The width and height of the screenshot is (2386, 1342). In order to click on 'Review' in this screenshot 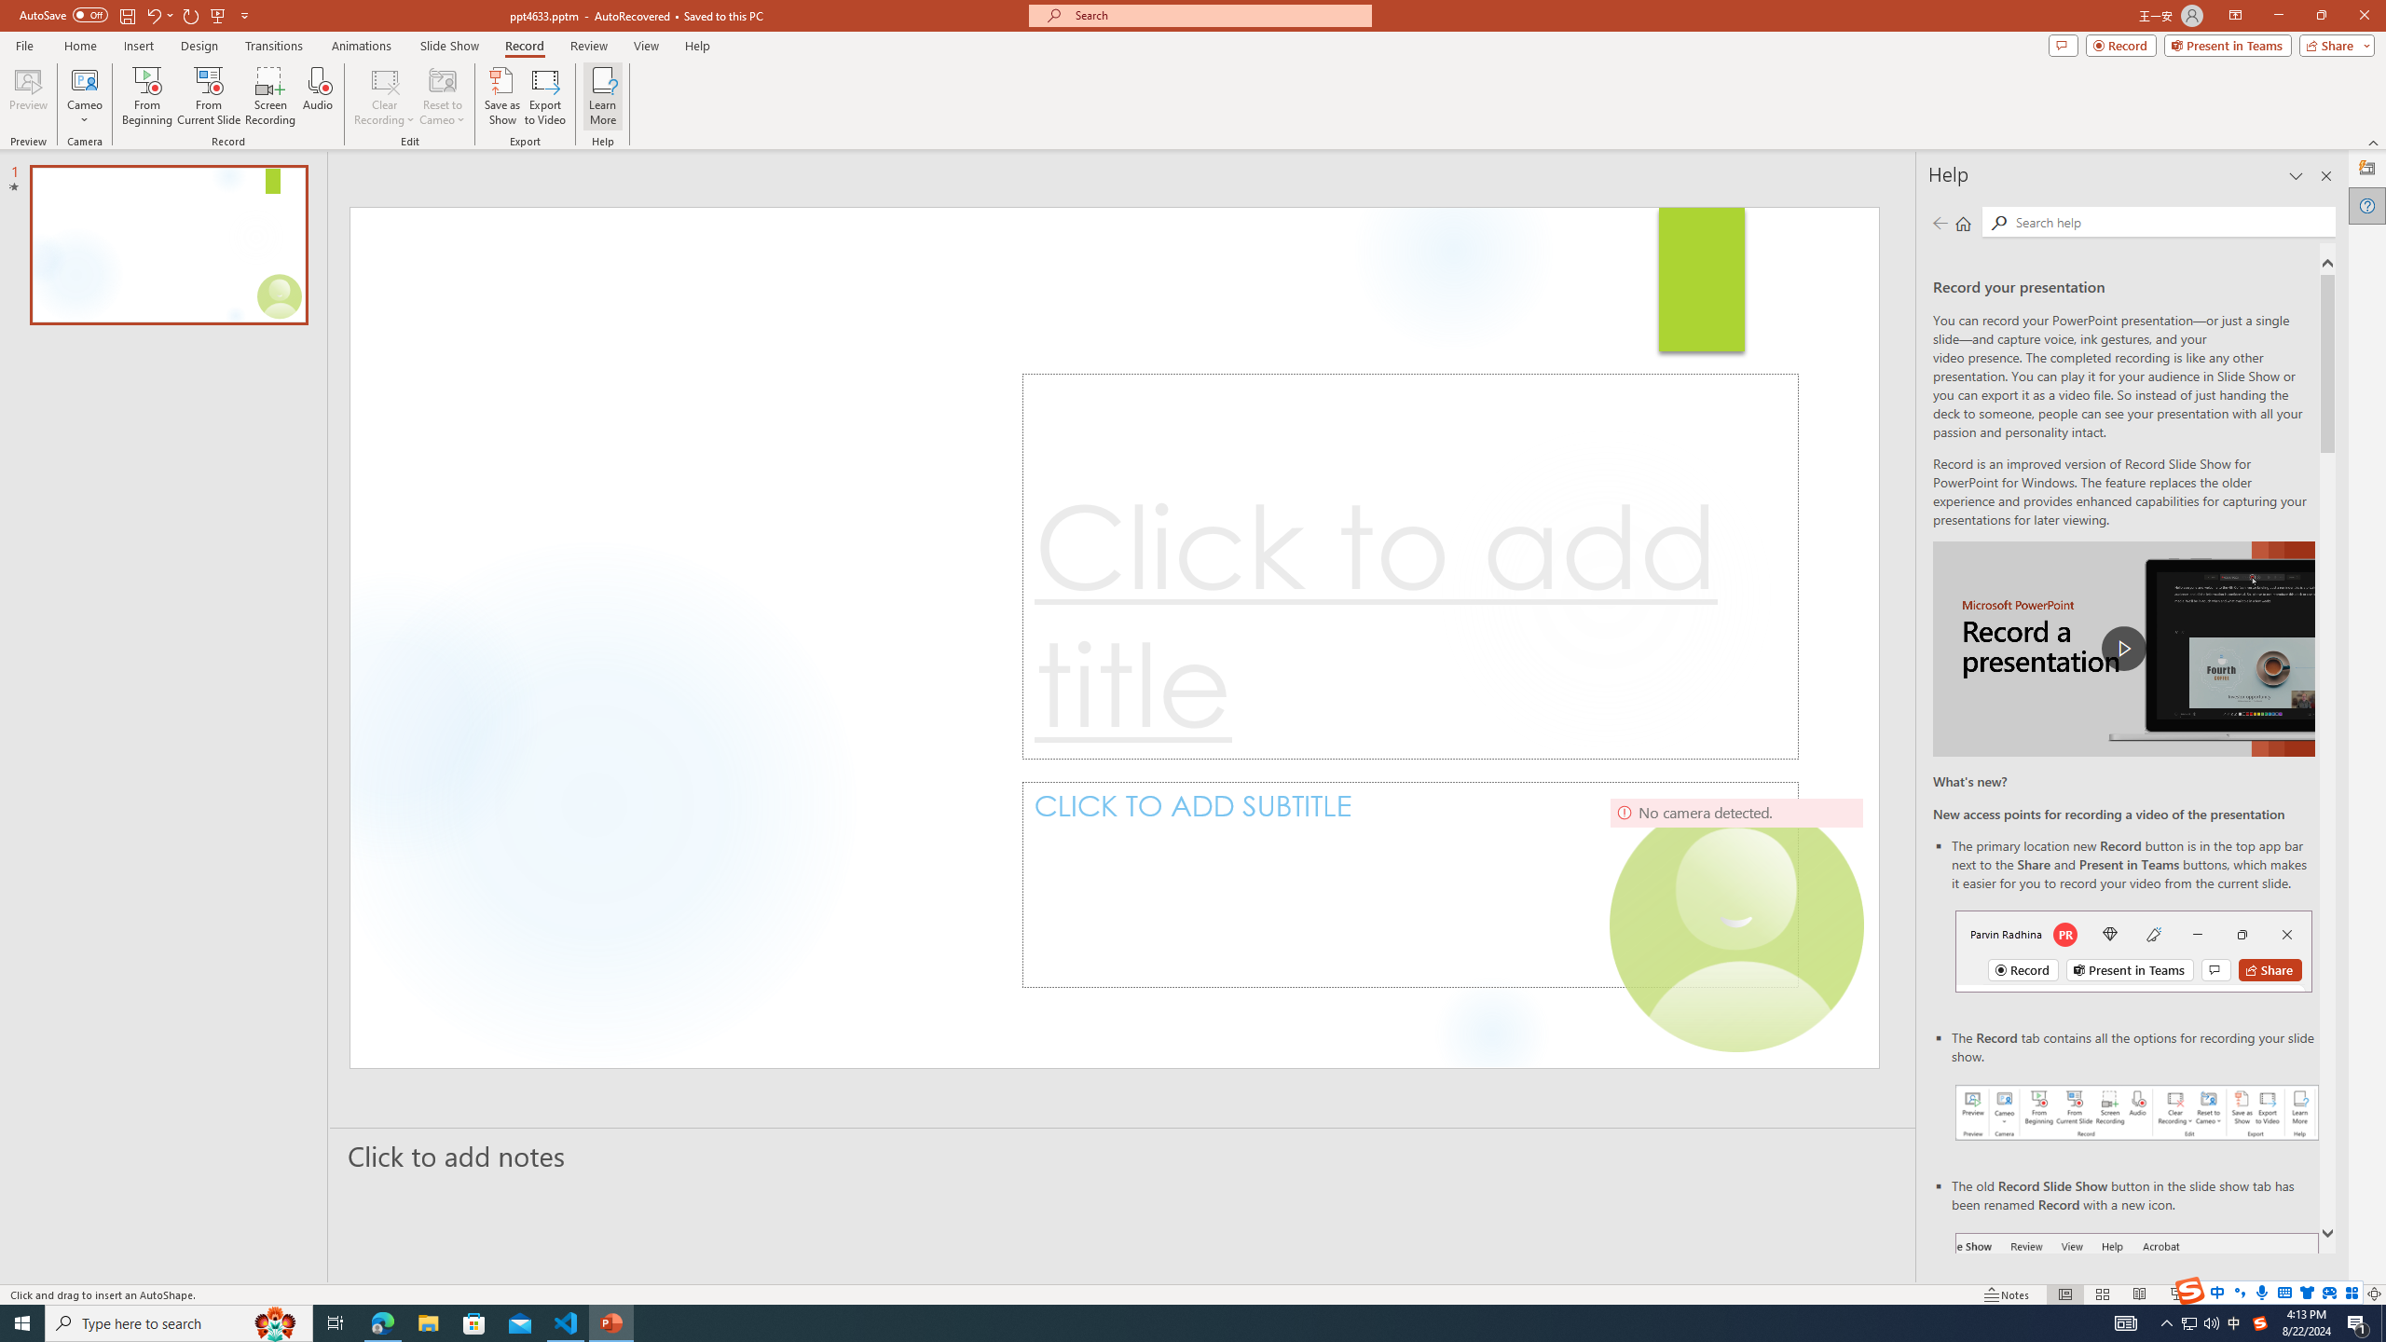, I will do `click(588, 46)`.